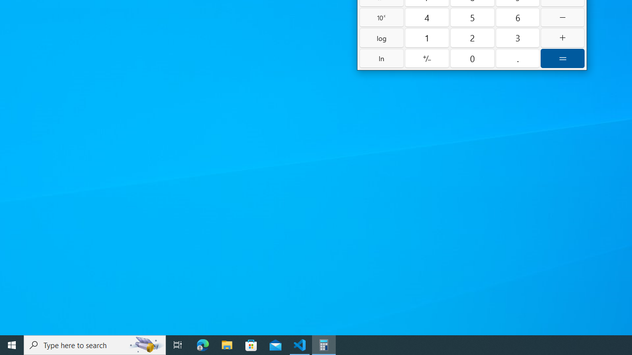 This screenshot has height=355, width=632. I want to click on 'Minus', so click(562, 17).